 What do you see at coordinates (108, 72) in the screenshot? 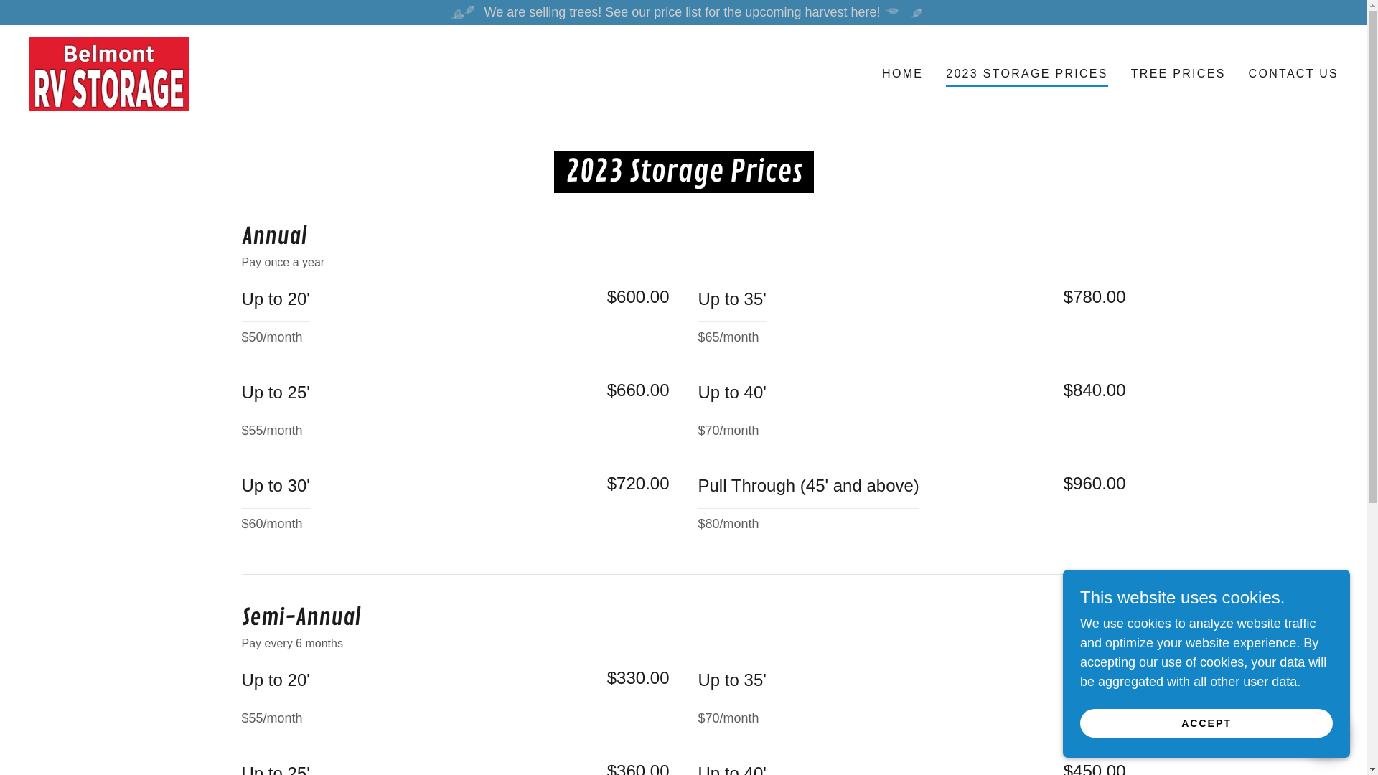
I see `'Belmont RV Storage'` at bounding box center [108, 72].